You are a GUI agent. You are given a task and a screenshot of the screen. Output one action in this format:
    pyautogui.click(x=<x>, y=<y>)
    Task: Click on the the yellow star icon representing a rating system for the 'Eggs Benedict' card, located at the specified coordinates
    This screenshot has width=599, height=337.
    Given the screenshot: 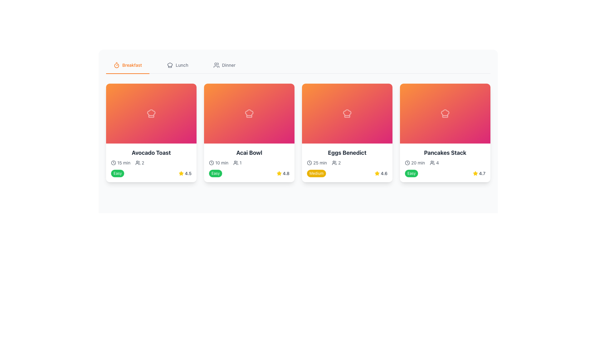 What is the action you would take?
    pyautogui.click(x=377, y=173)
    